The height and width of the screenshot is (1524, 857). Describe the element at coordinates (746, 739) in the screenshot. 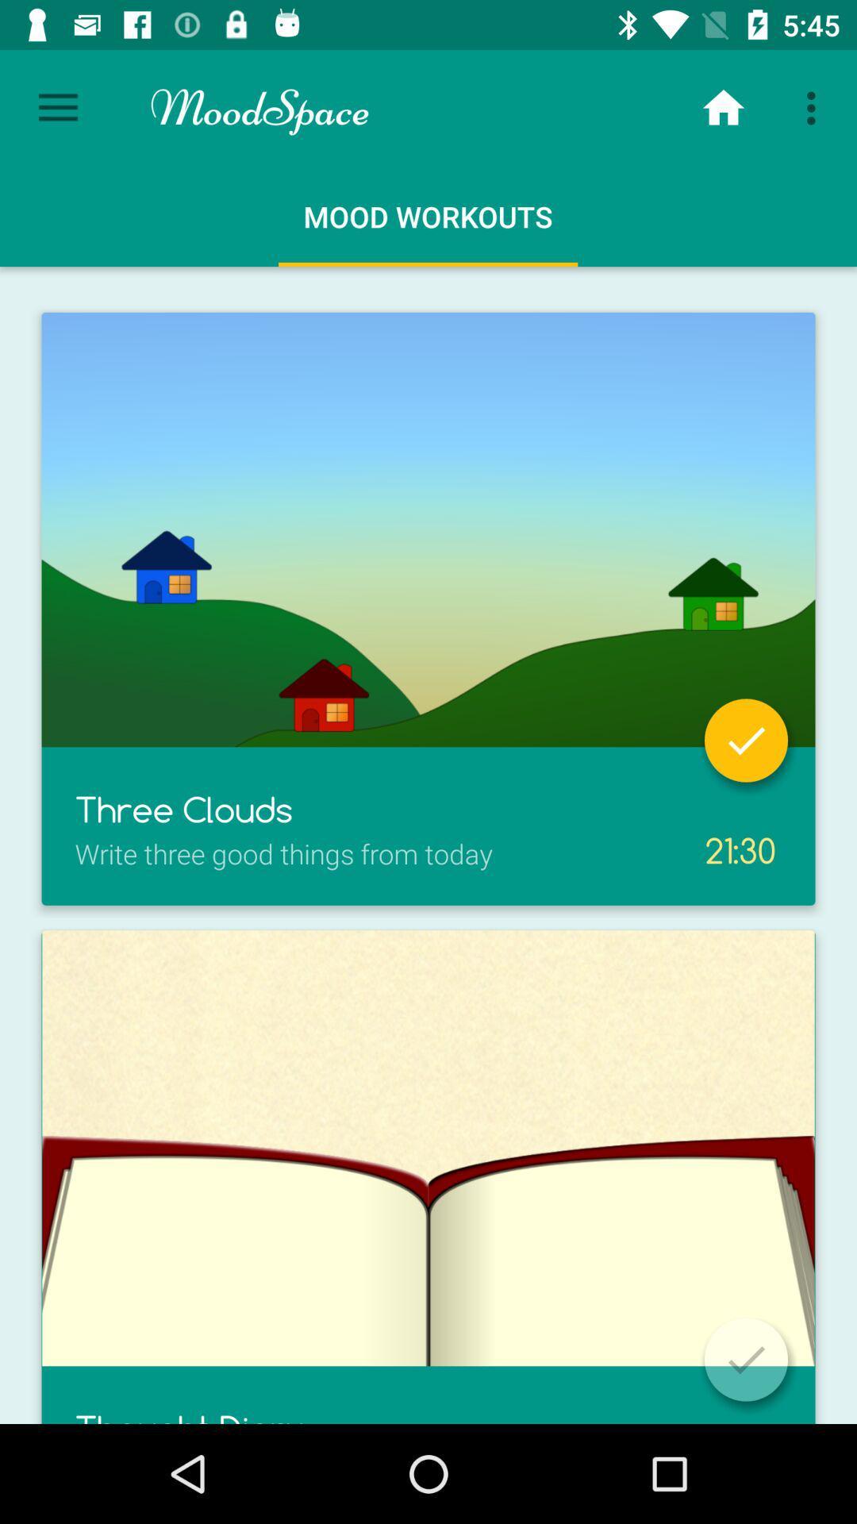

I see `specific part is finished` at that location.